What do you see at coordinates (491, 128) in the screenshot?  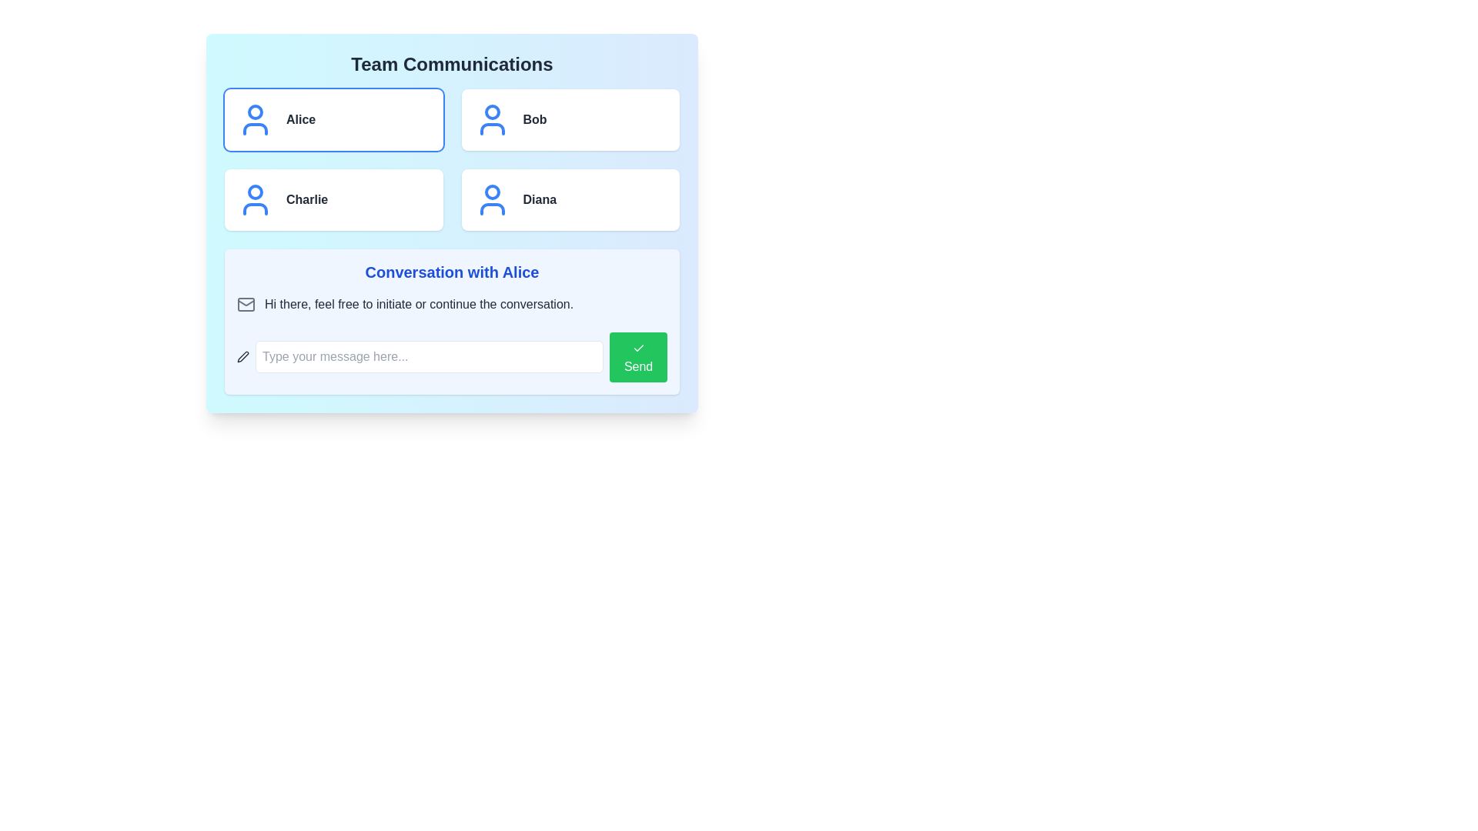 I see `the lower portion of the user icon in the button associated with 'Bob', located in the top-right section of the interface under 'Team Communications'` at bounding box center [491, 128].